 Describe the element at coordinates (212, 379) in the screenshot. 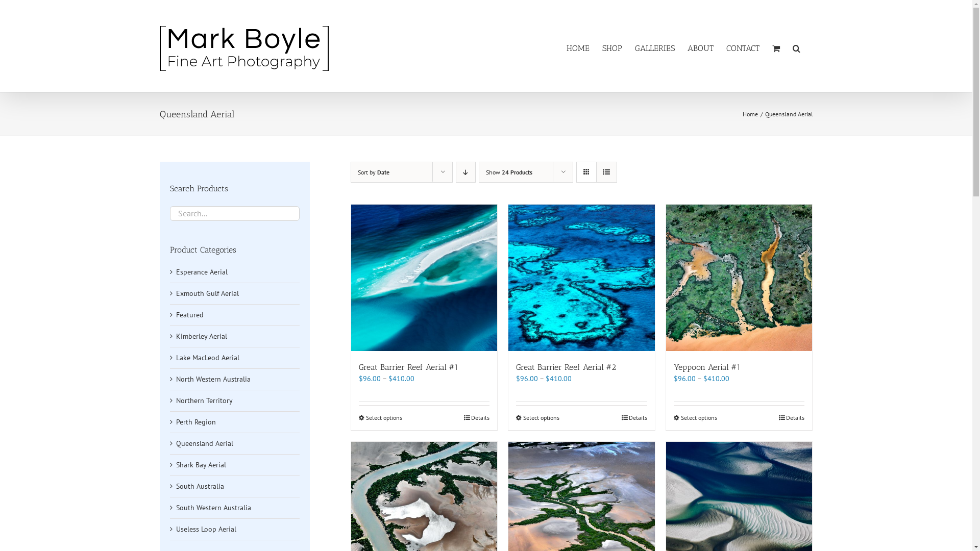

I see `'North Western Australia'` at that location.